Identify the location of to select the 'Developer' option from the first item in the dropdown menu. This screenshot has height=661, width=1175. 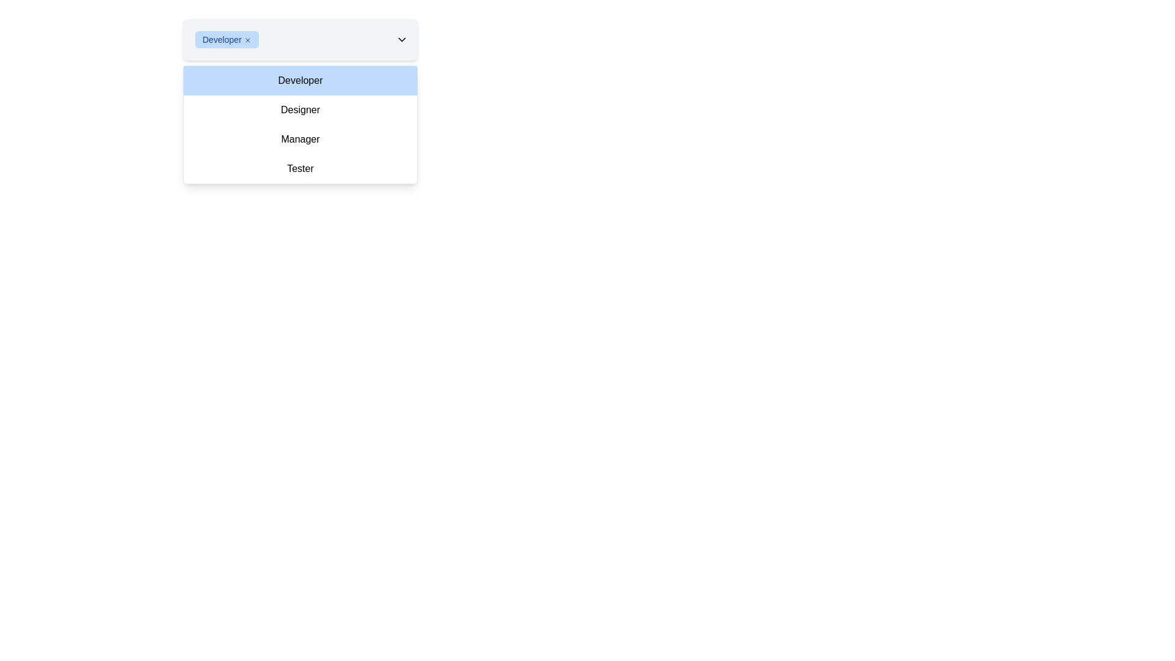
(300, 80).